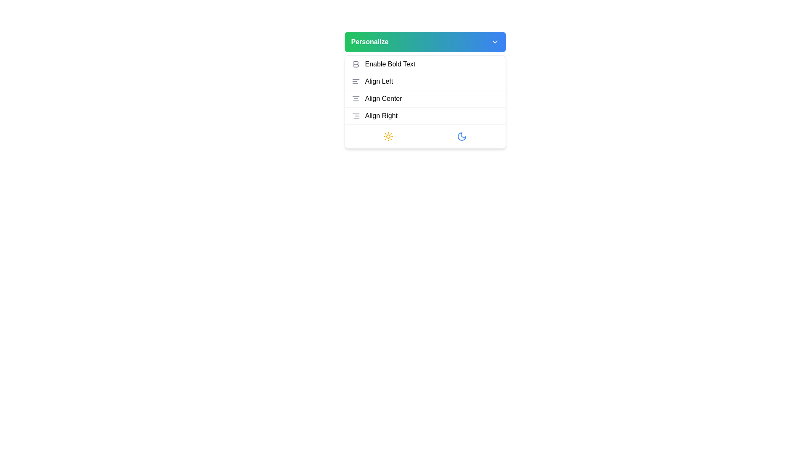 This screenshot has height=454, width=807. Describe the element at coordinates (462, 136) in the screenshot. I see `the crescent-shaped icon in the menu settings section` at that location.